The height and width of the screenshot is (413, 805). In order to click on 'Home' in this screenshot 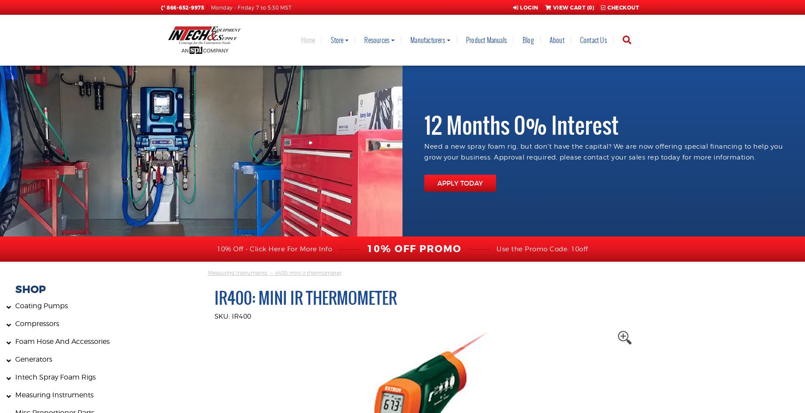, I will do `click(308, 40)`.